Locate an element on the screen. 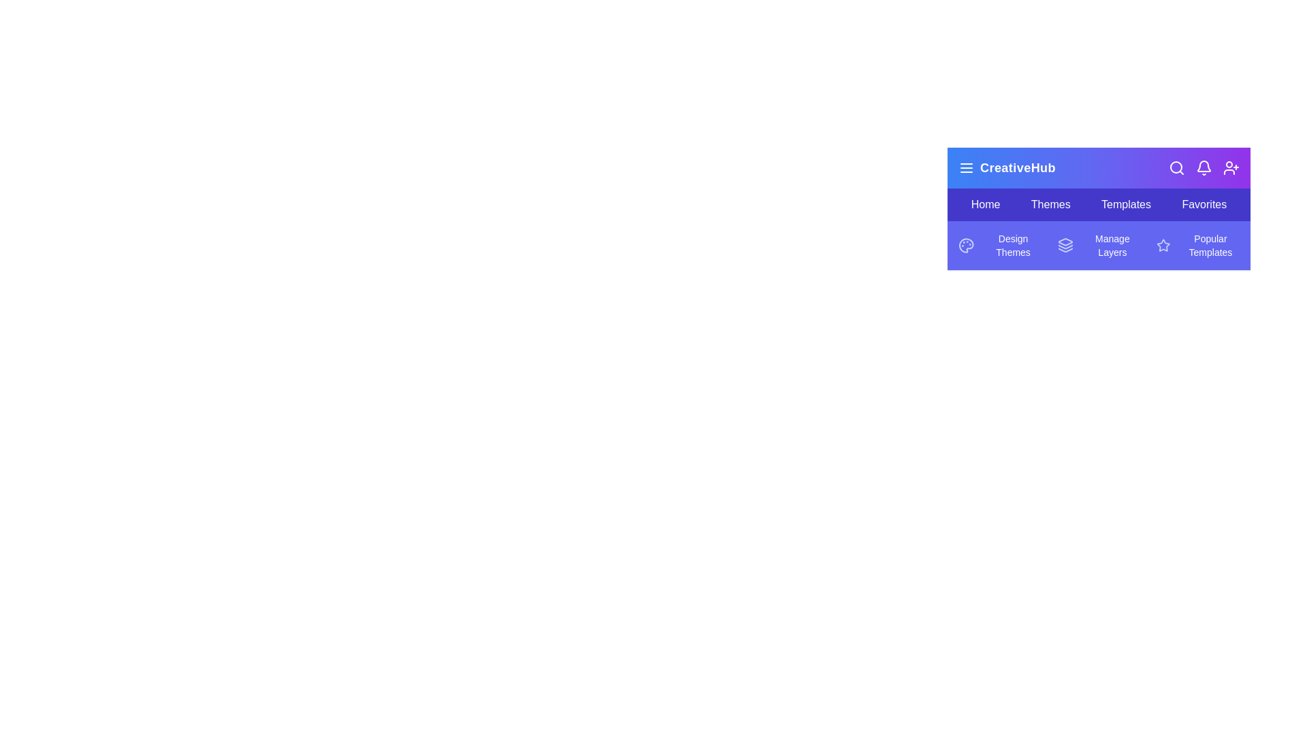 The height and width of the screenshot is (735, 1307). the menu button to toggle the menu visibility is located at coordinates (966, 167).